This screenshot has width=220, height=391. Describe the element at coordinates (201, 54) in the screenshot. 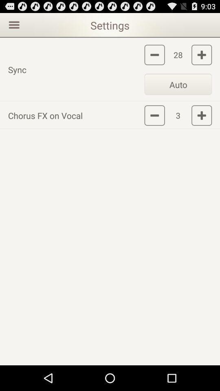

I see `sync setting` at that location.